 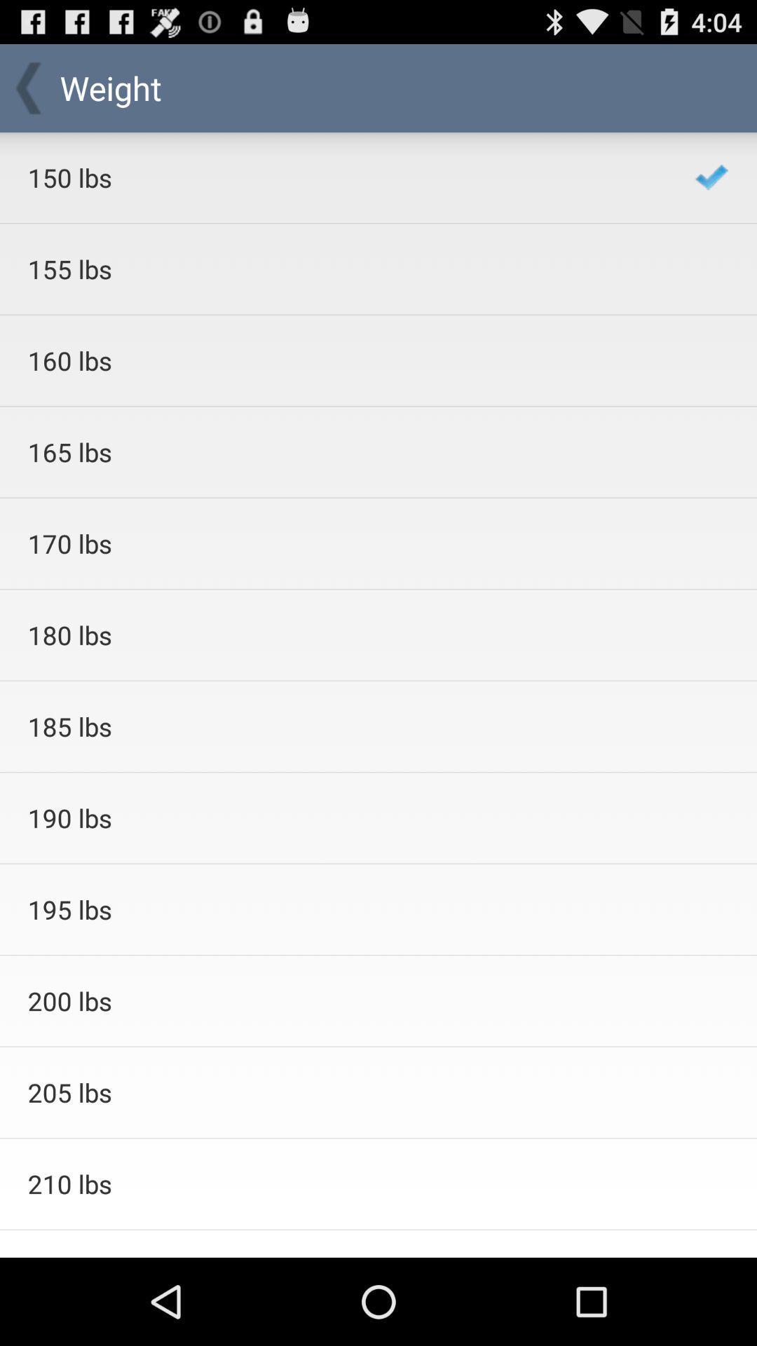 I want to click on icon above the 185 lbs icon, so click(x=343, y=634).